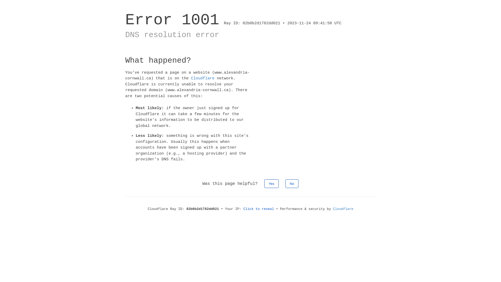  I want to click on 'Click to reveal', so click(259, 208).